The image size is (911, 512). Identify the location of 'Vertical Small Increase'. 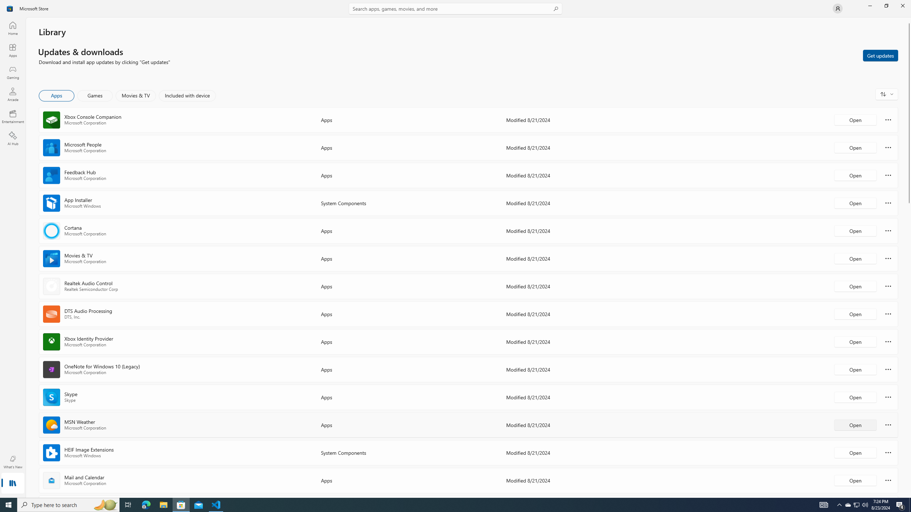
(908, 495).